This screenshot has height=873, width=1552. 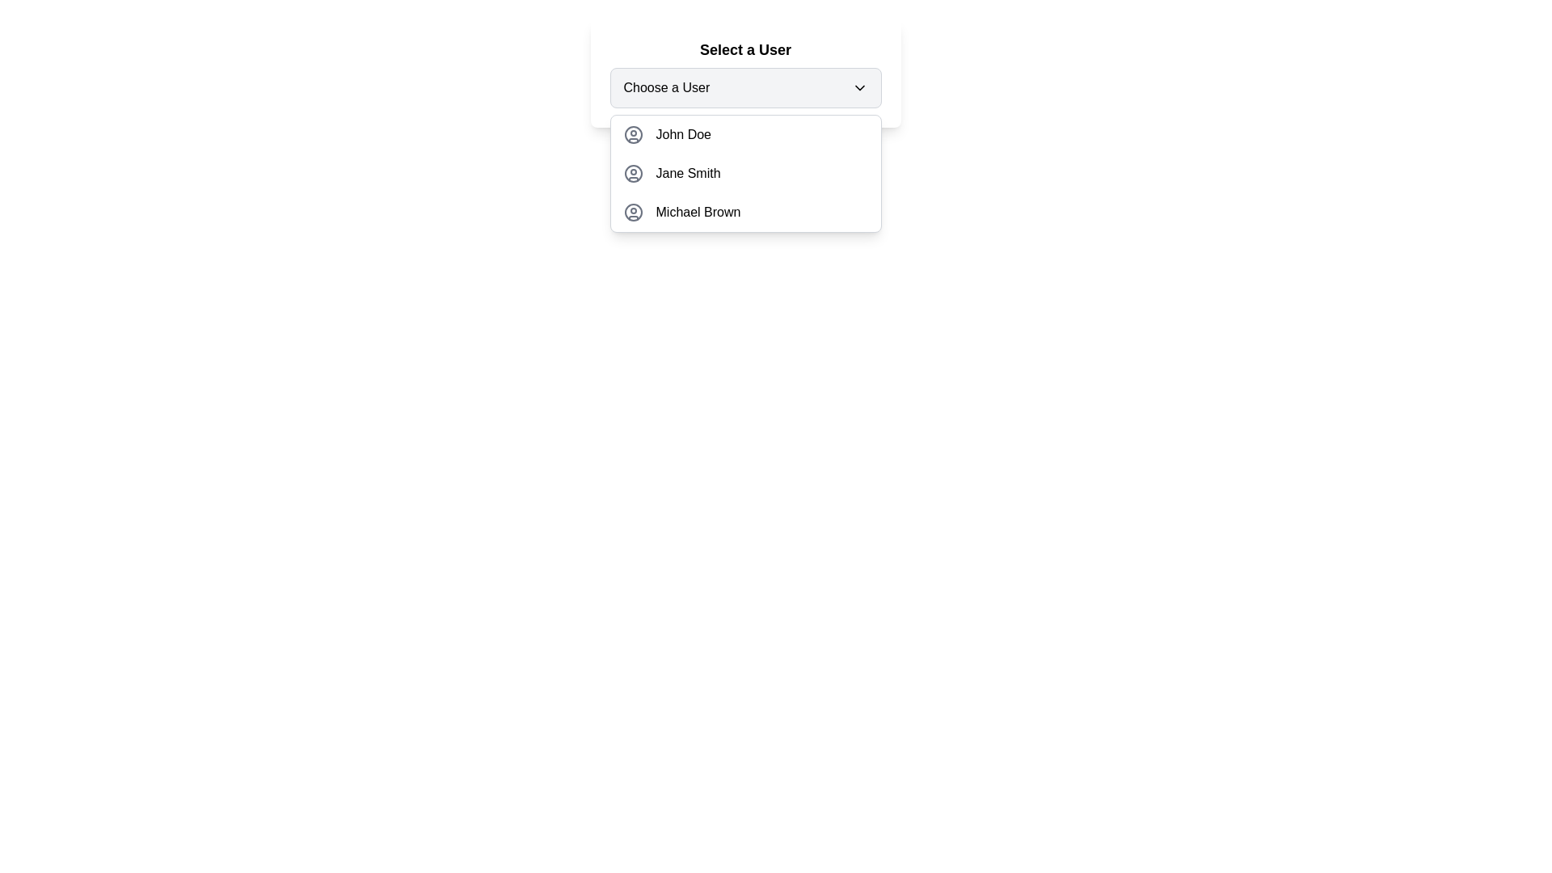 What do you see at coordinates (683, 133) in the screenshot?
I see `the text label displaying 'John Doe'` at bounding box center [683, 133].